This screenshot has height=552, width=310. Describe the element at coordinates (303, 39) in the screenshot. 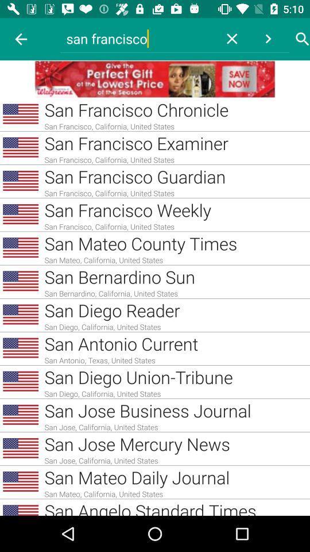

I see `click search button` at that location.